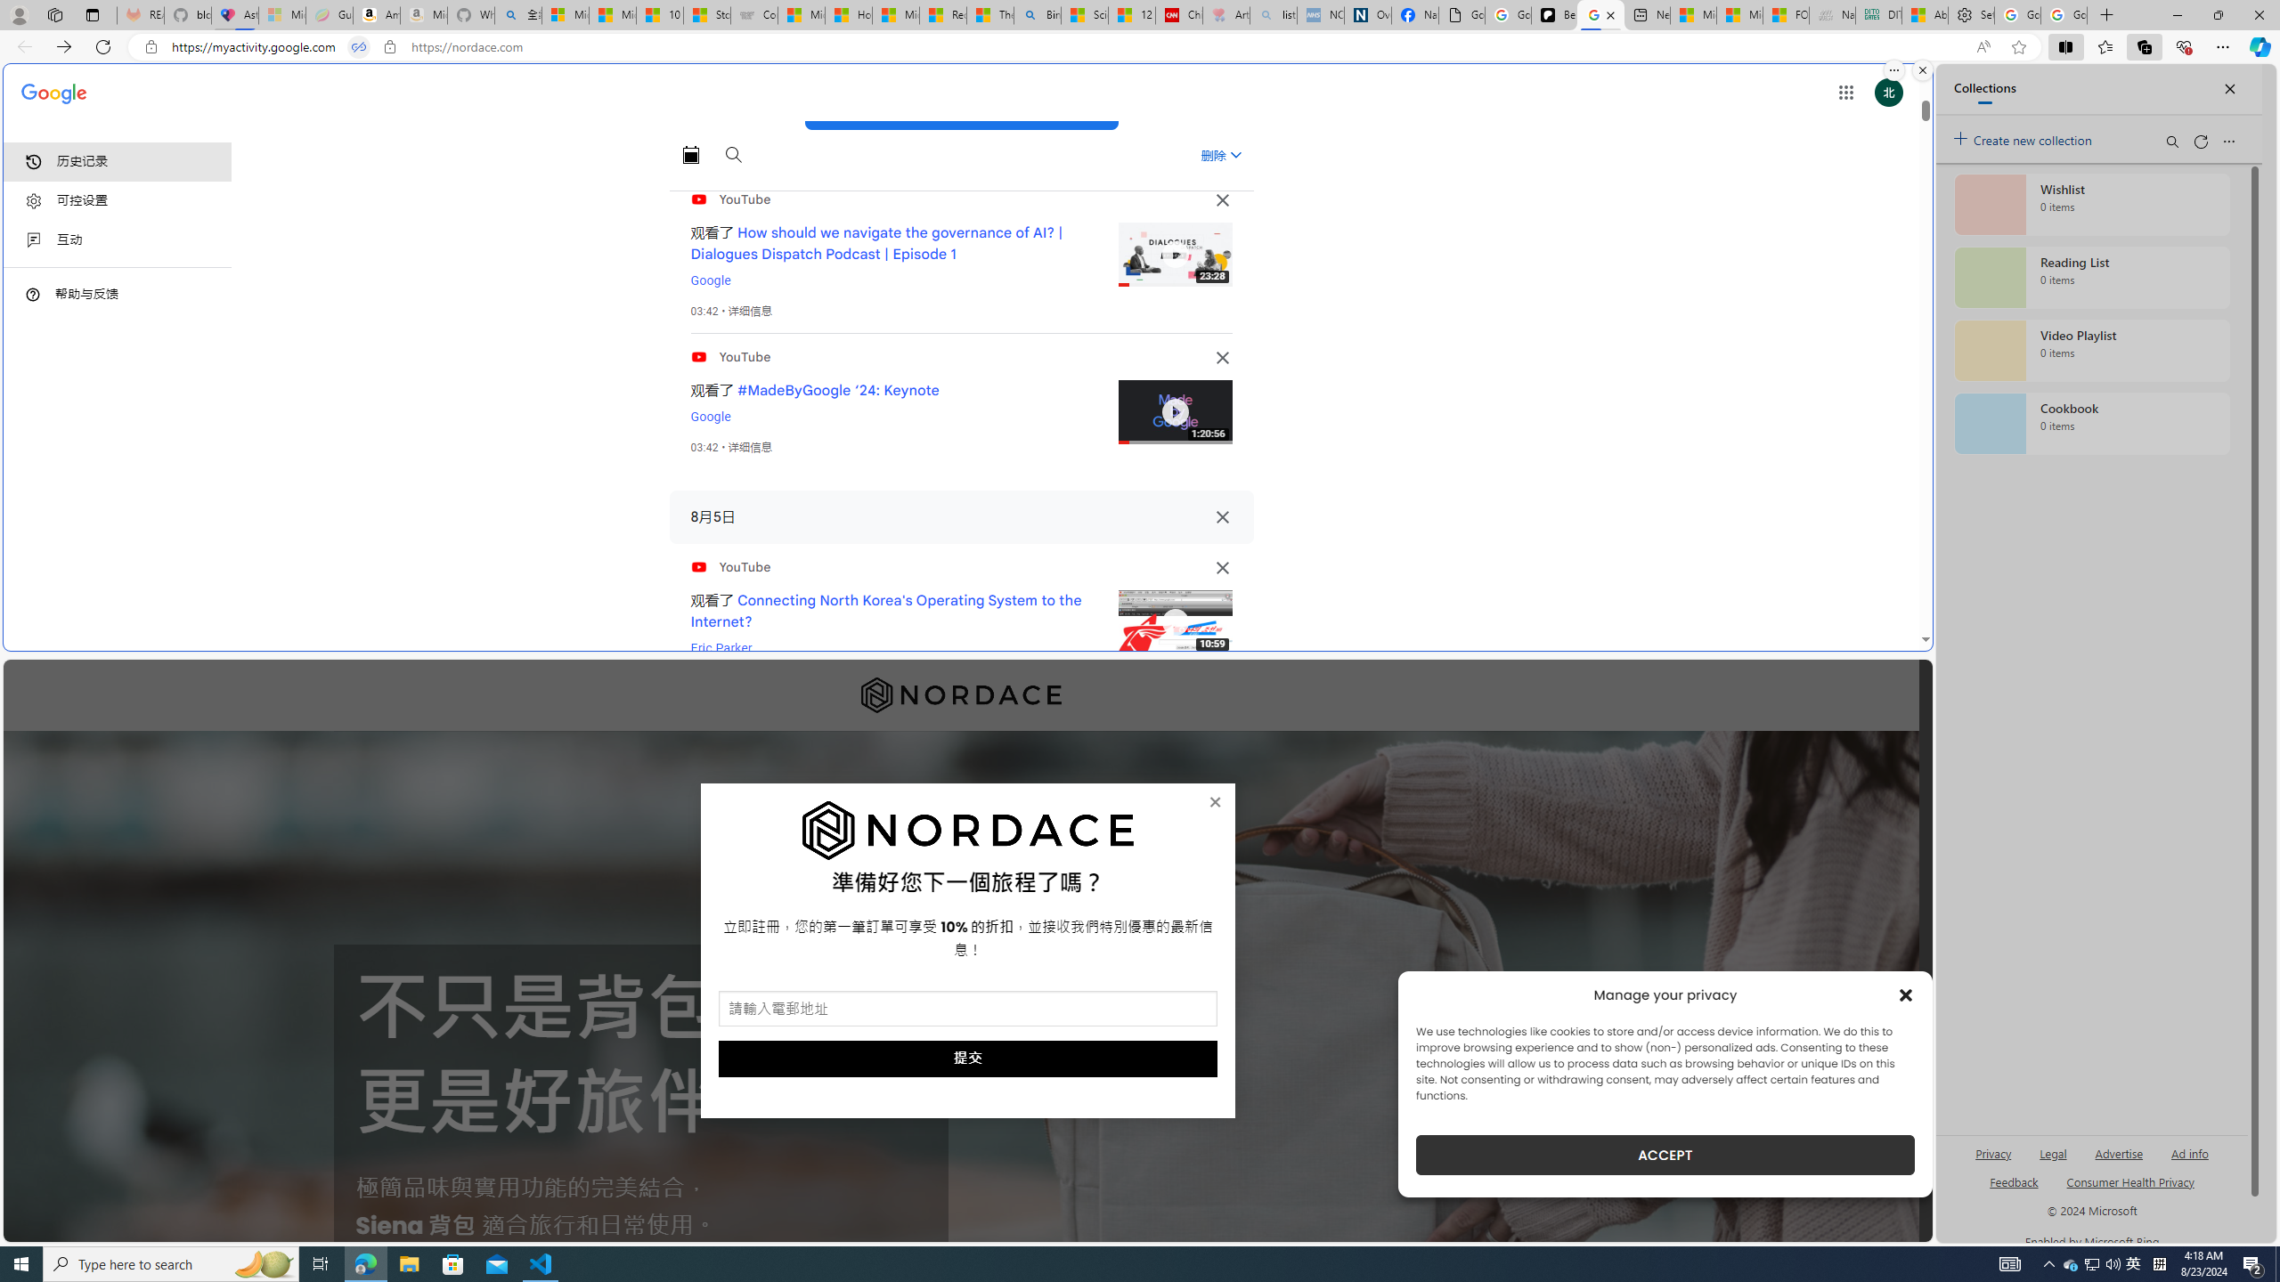 This screenshot has width=2280, height=1282. What do you see at coordinates (1226, 14) in the screenshot?
I see `'Arthritis: Ask Health Professionals - Sleeping'` at bounding box center [1226, 14].